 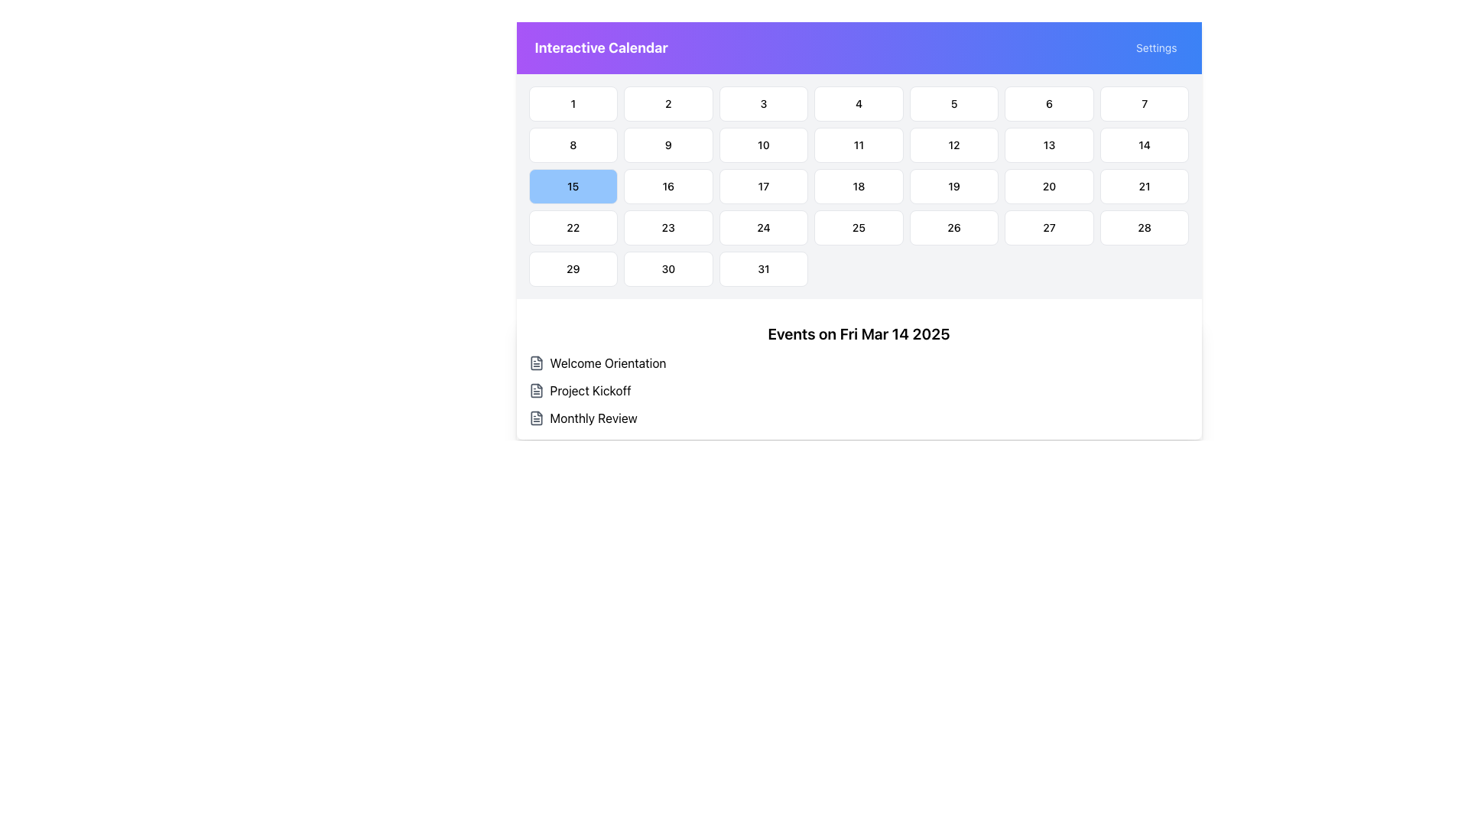 I want to click on the text element representing the date '31' in the calendar view, which is located in the last row and last column of the calendar grid, so click(x=763, y=268).